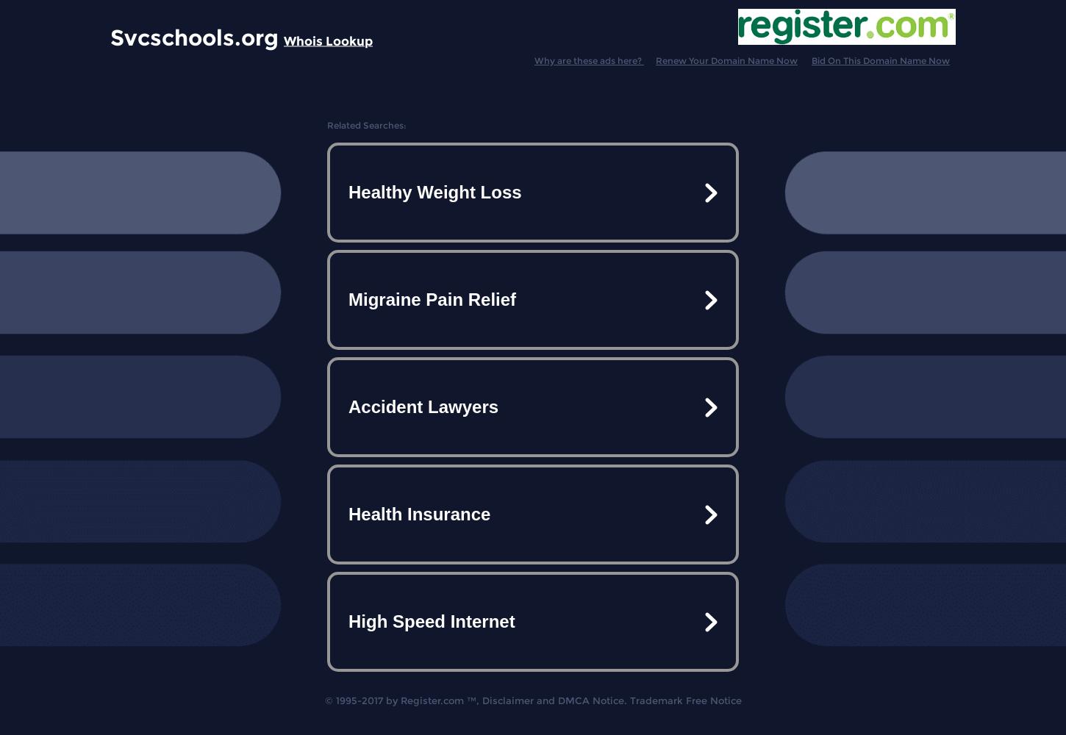 The image size is (1066, 735). Describe the element at coordinates (432, 299) in the screenshot. I see `'Migraine Pain Relief'` at that location.